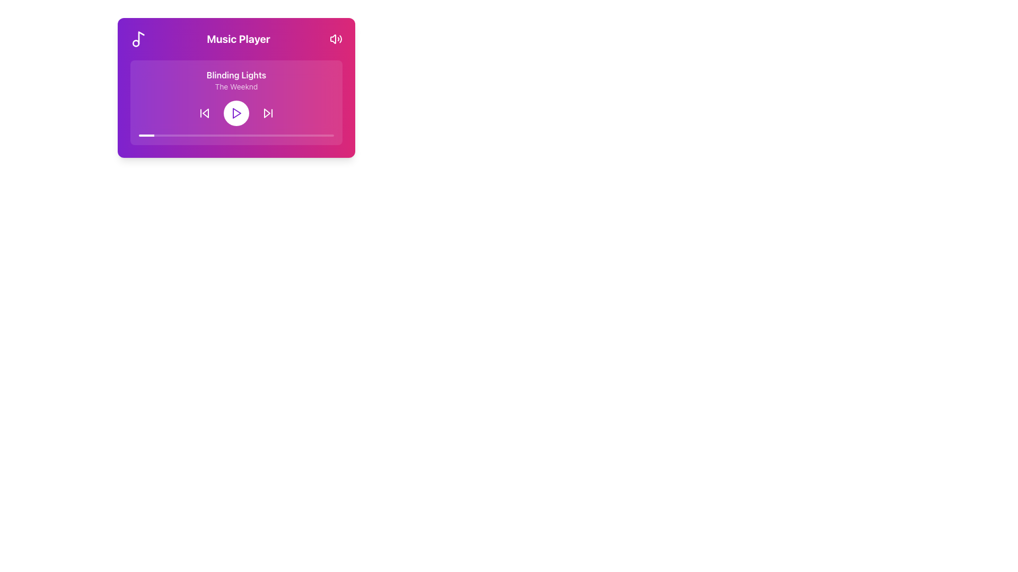 The height and width of the screenshot is (572, 1018). I want to click on the text label 'Music Player', which is prominently displayed in bold, extra-large font at the top of the music player interface, so click(238, 38).